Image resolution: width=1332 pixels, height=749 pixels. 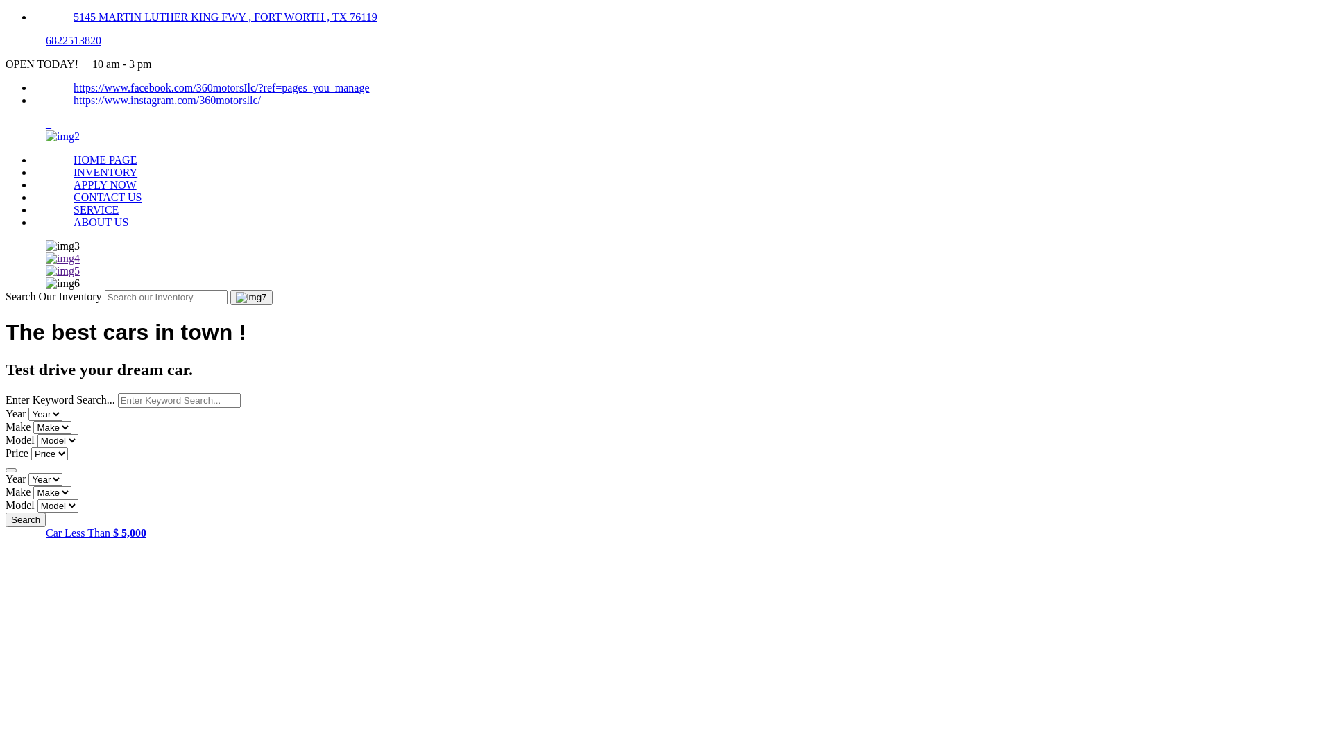 I want to click on 'https://www.facebook.com/360motorsIlc/?ref=pages_you_manage', so click(x=221, y=87).